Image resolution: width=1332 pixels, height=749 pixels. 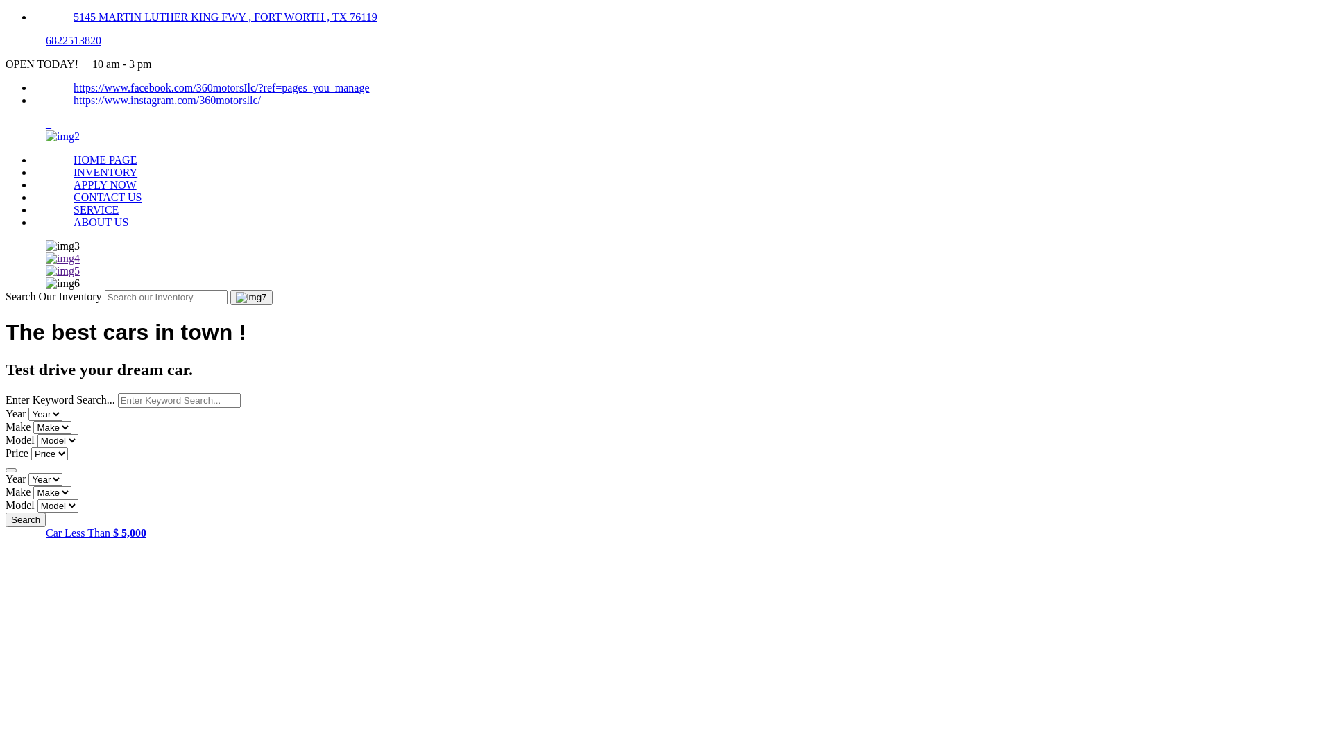 I want to click on 'https://www.facebook.com/360motorsIlc/?ref=pages_you_manage', so click(x=221, y=87).